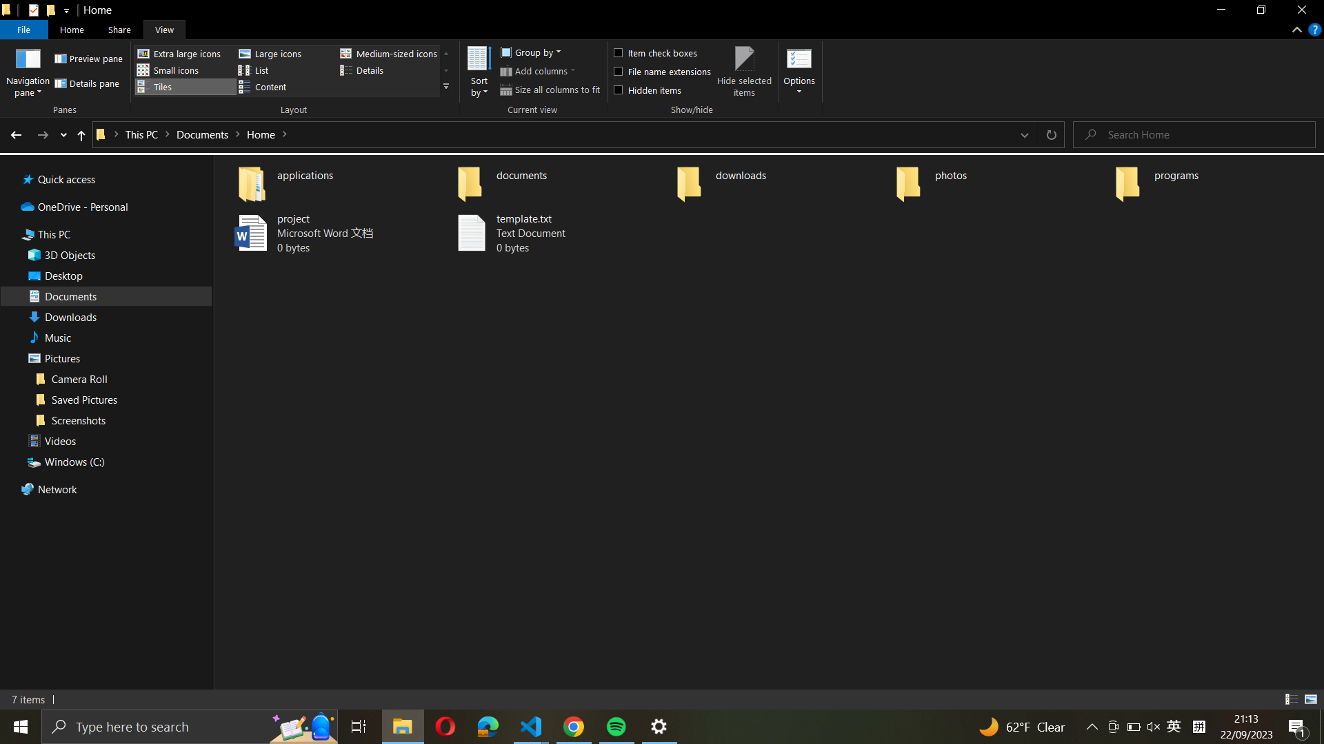 The image size is (1324, 744). Describe the element at coordinates (999, 180) in the screenshot. I see `the "photos" directory and establish a new directory named "vacation"` at that location.